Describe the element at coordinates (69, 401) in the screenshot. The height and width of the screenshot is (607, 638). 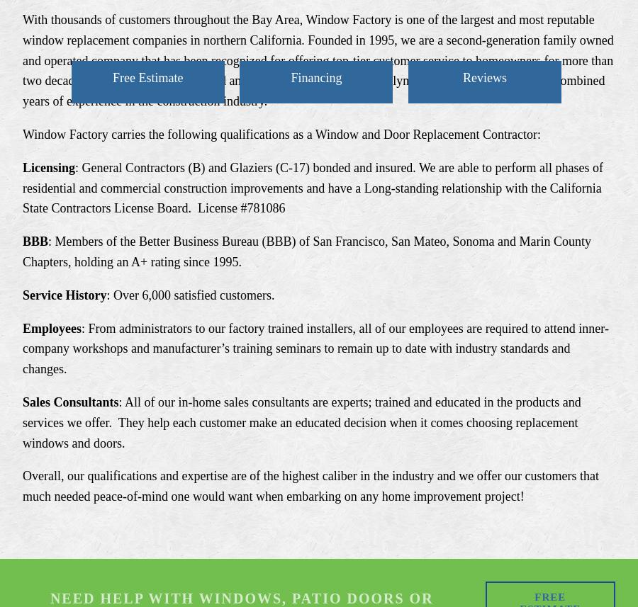
I see `'Sales Consultants'` at that location.